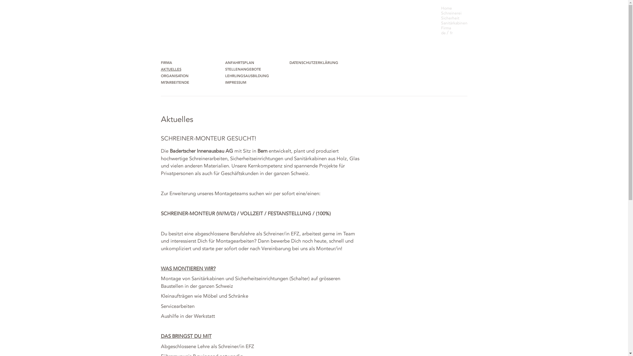  What do you see at coordinates (446, 27) in the screenshot?
I see `'Firma'` at bounding box center [446, 27].